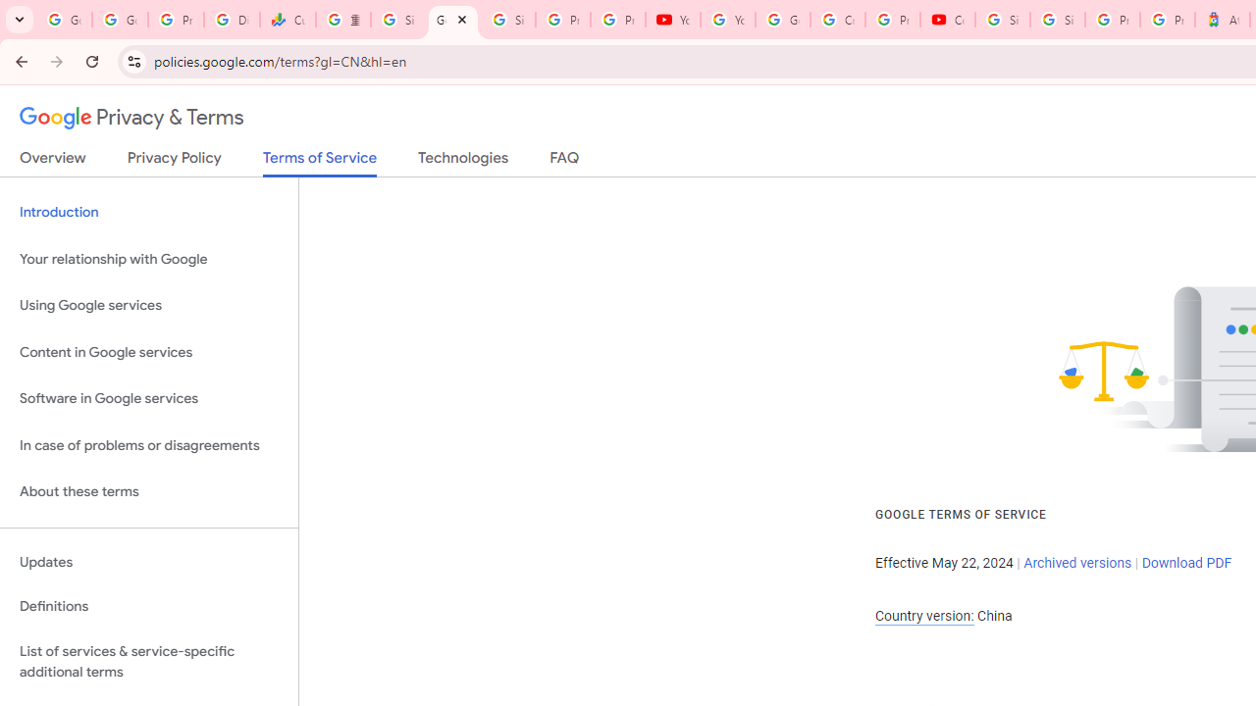  I want to click on 'Google Account Help', so click(782, 20).